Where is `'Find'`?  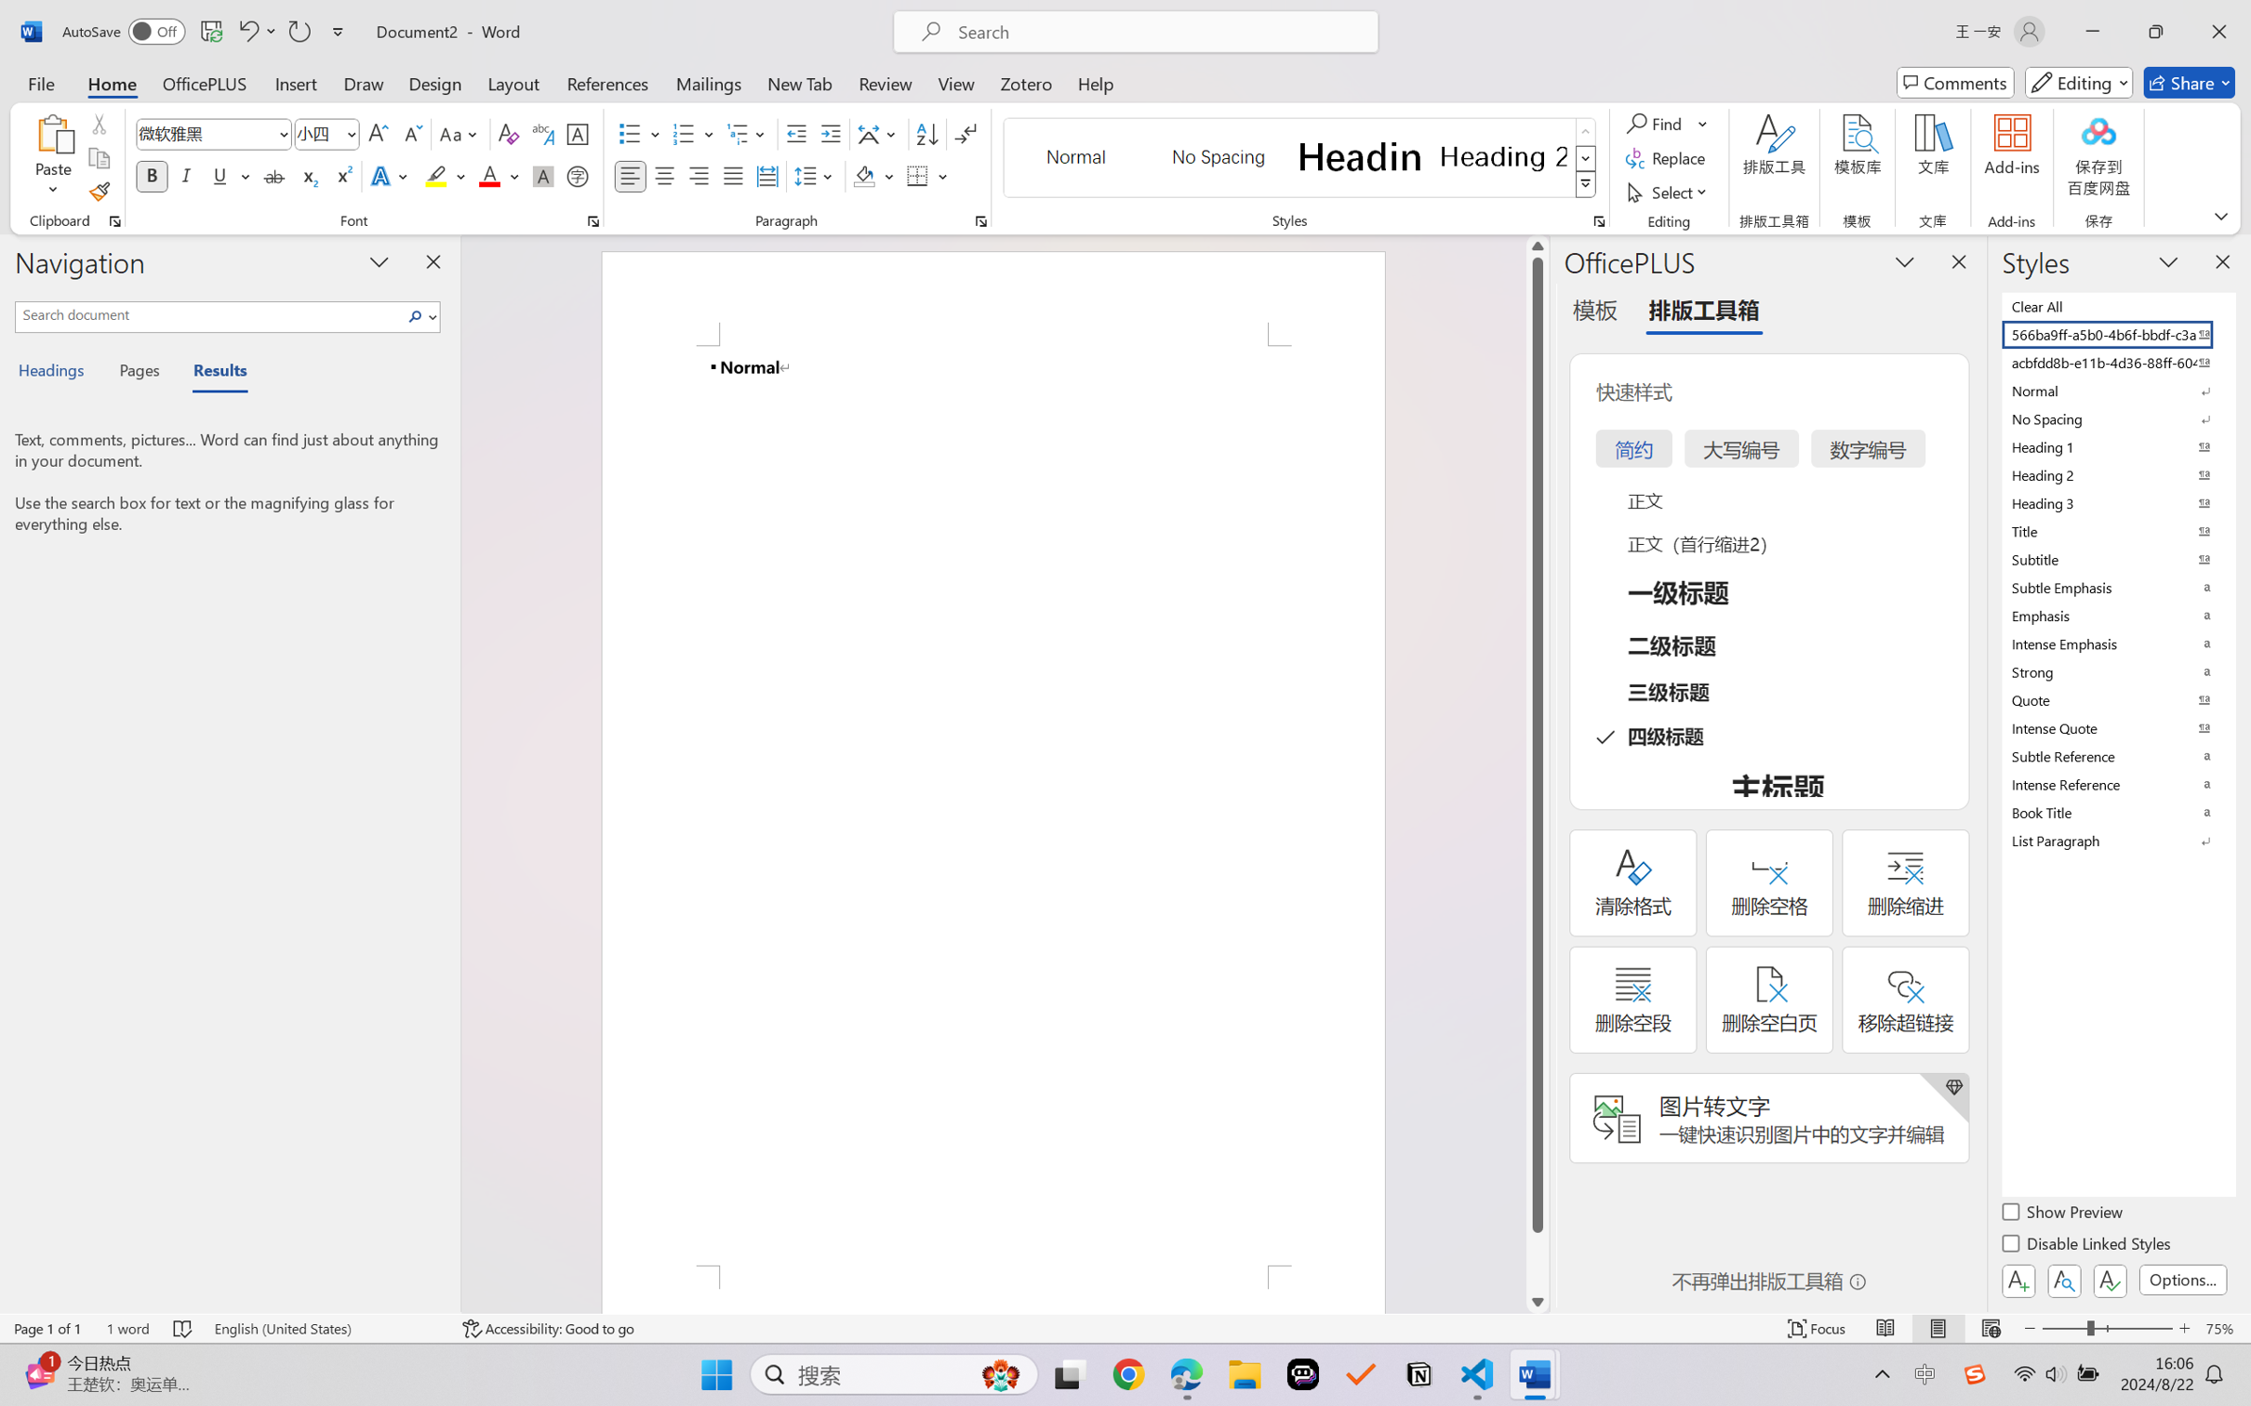 'Find' is located at coordinates (1666, 122).